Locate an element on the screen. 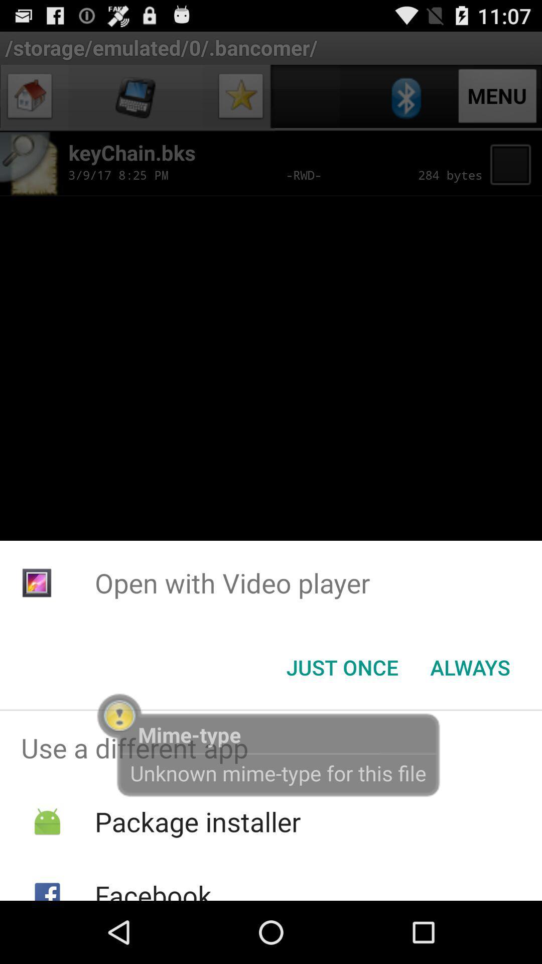 The height and width of the screenshot is (964, 542). the package installer is located at coordinates (198, 821).